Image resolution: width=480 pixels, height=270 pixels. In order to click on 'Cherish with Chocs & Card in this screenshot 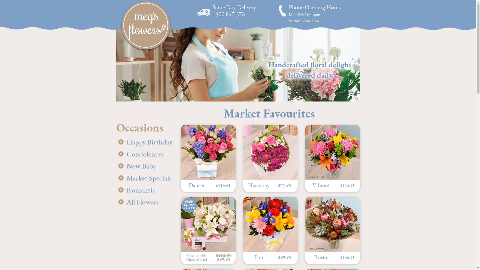, I will do `click(208, 230)`.